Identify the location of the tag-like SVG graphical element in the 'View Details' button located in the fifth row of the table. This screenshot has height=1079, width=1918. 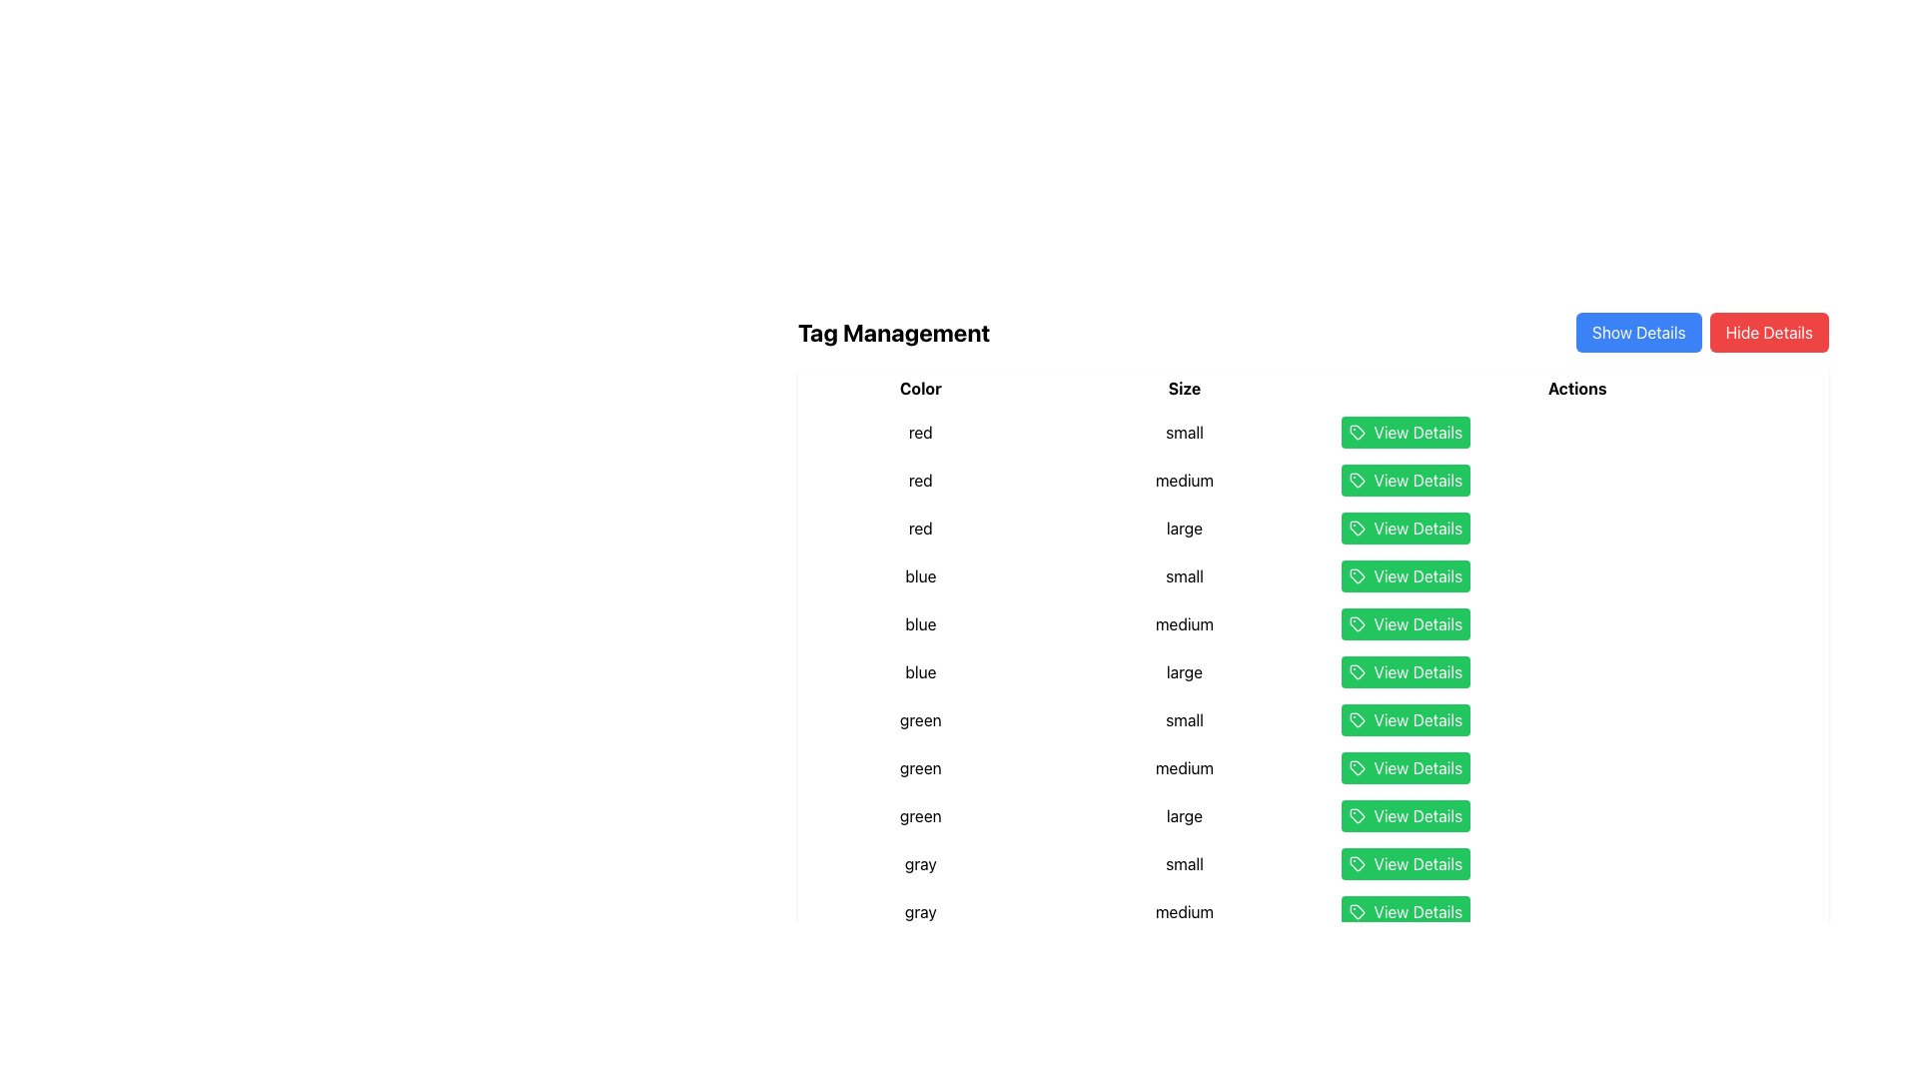
(1358, 576).